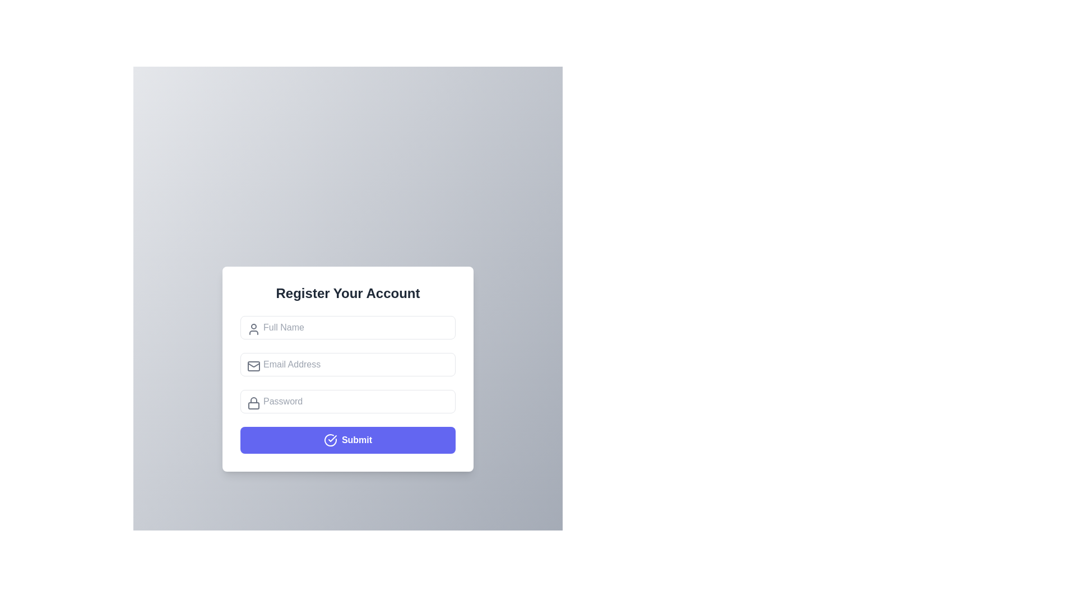 This screenshot has width=1076, height=605. I want to click on the minimalist gray mail icon located to the left of the 'Email Address' input field in the account registration form, so click(253, 365).